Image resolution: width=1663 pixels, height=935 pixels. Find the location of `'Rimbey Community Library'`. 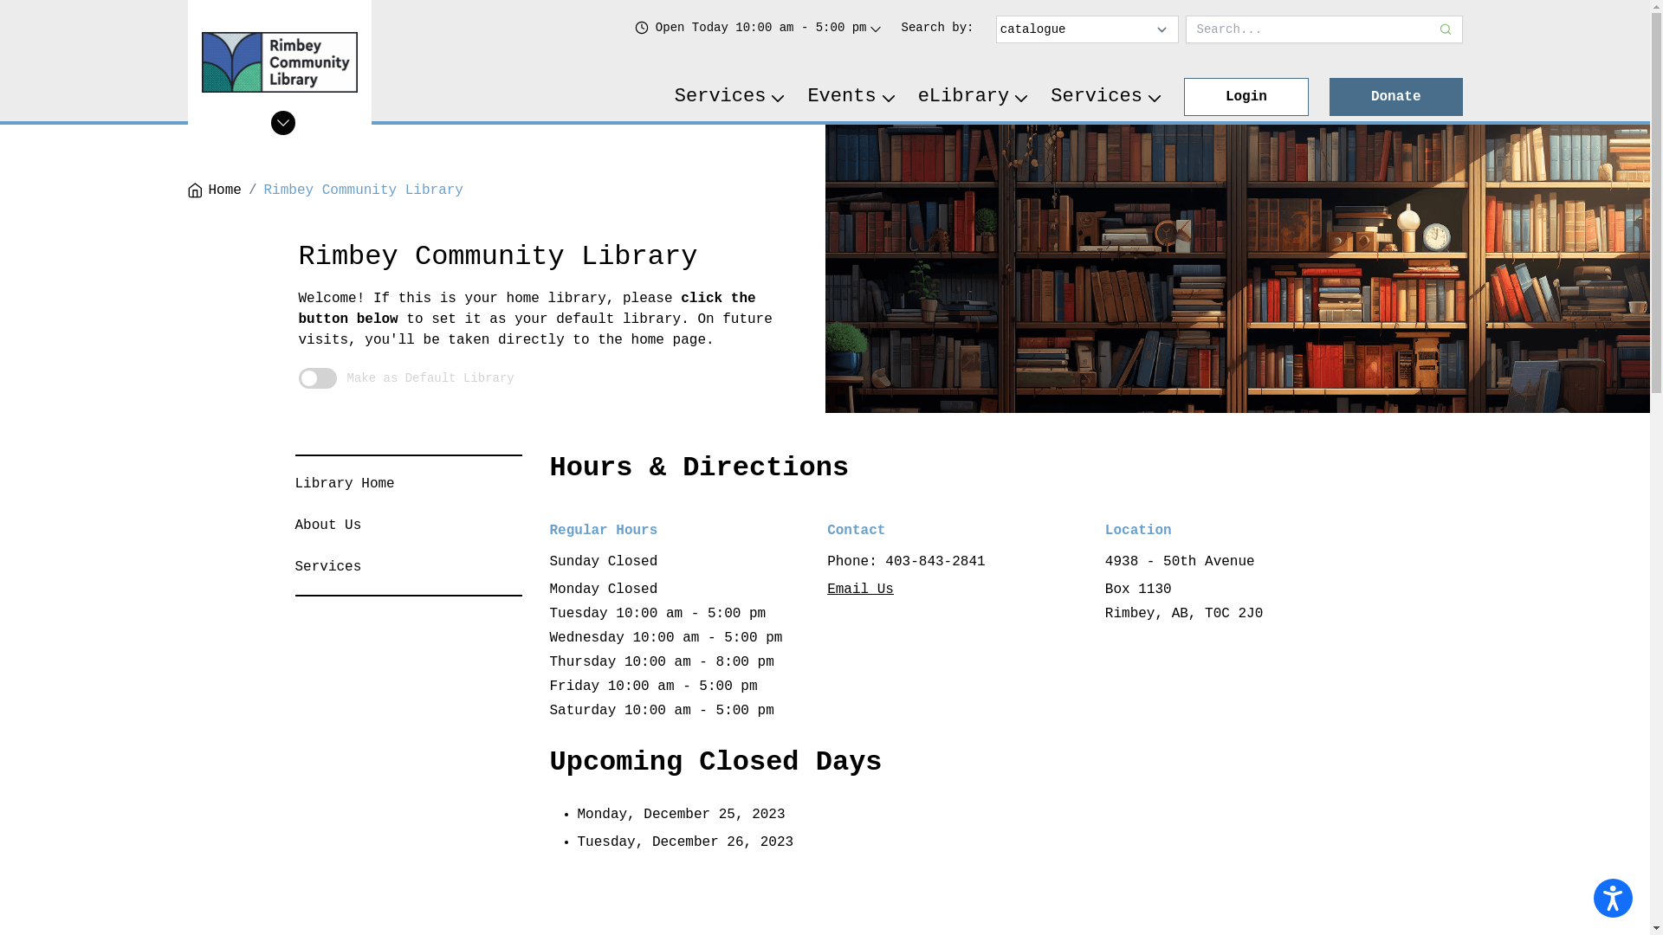

'Rimbey Community Library' is located at coordinates (363, 190).